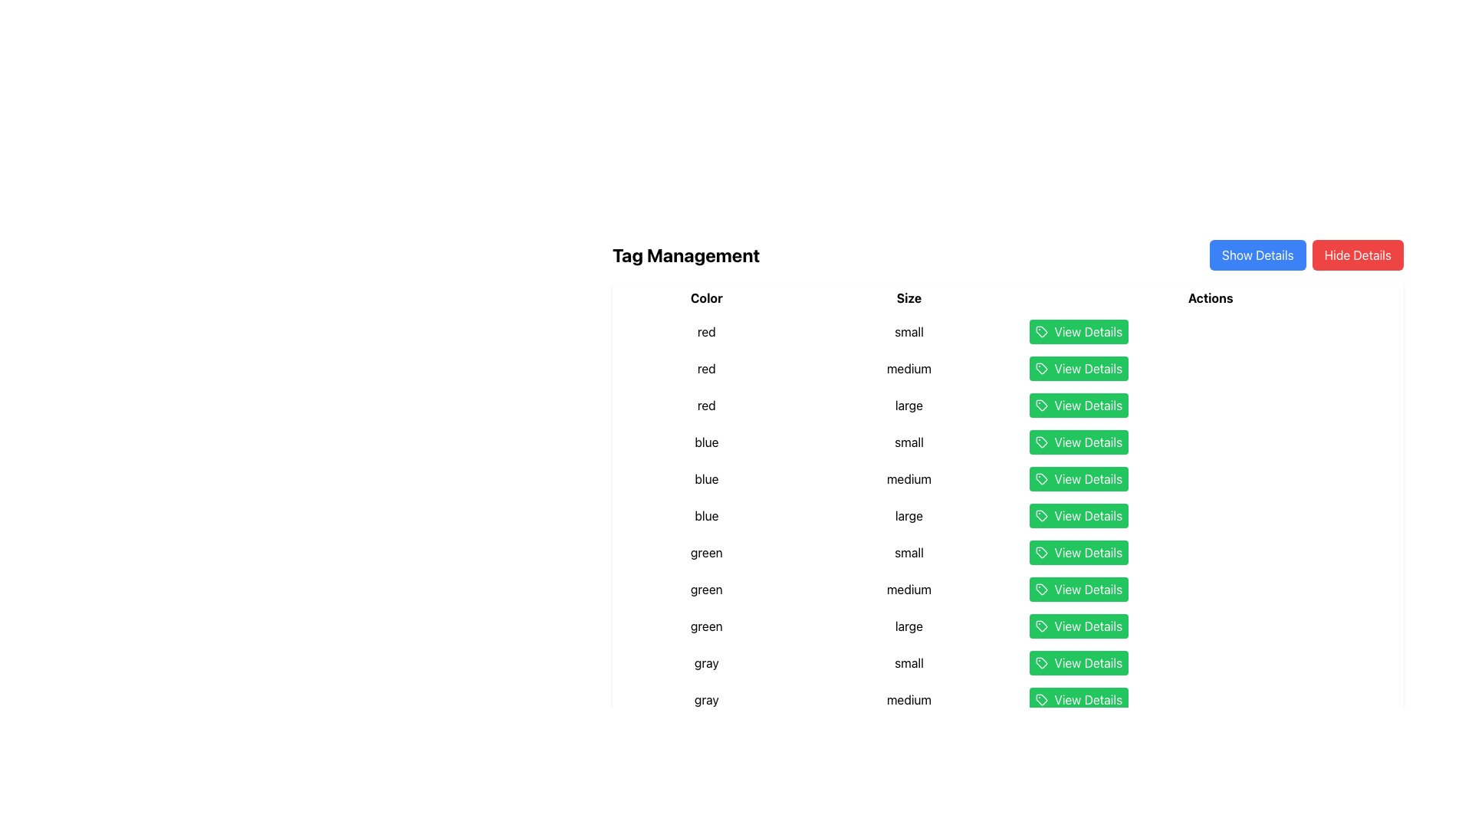  I want to click on the green rectangular button labeled 'View Details' surrounding the small, green, tag-shaped icon located in the 'Actions' column of a table, so click(1041, 369).